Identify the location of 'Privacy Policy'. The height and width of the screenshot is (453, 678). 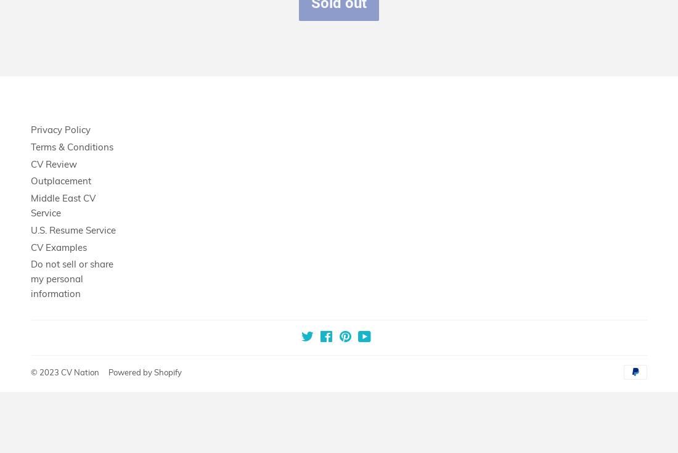
(30, 129).